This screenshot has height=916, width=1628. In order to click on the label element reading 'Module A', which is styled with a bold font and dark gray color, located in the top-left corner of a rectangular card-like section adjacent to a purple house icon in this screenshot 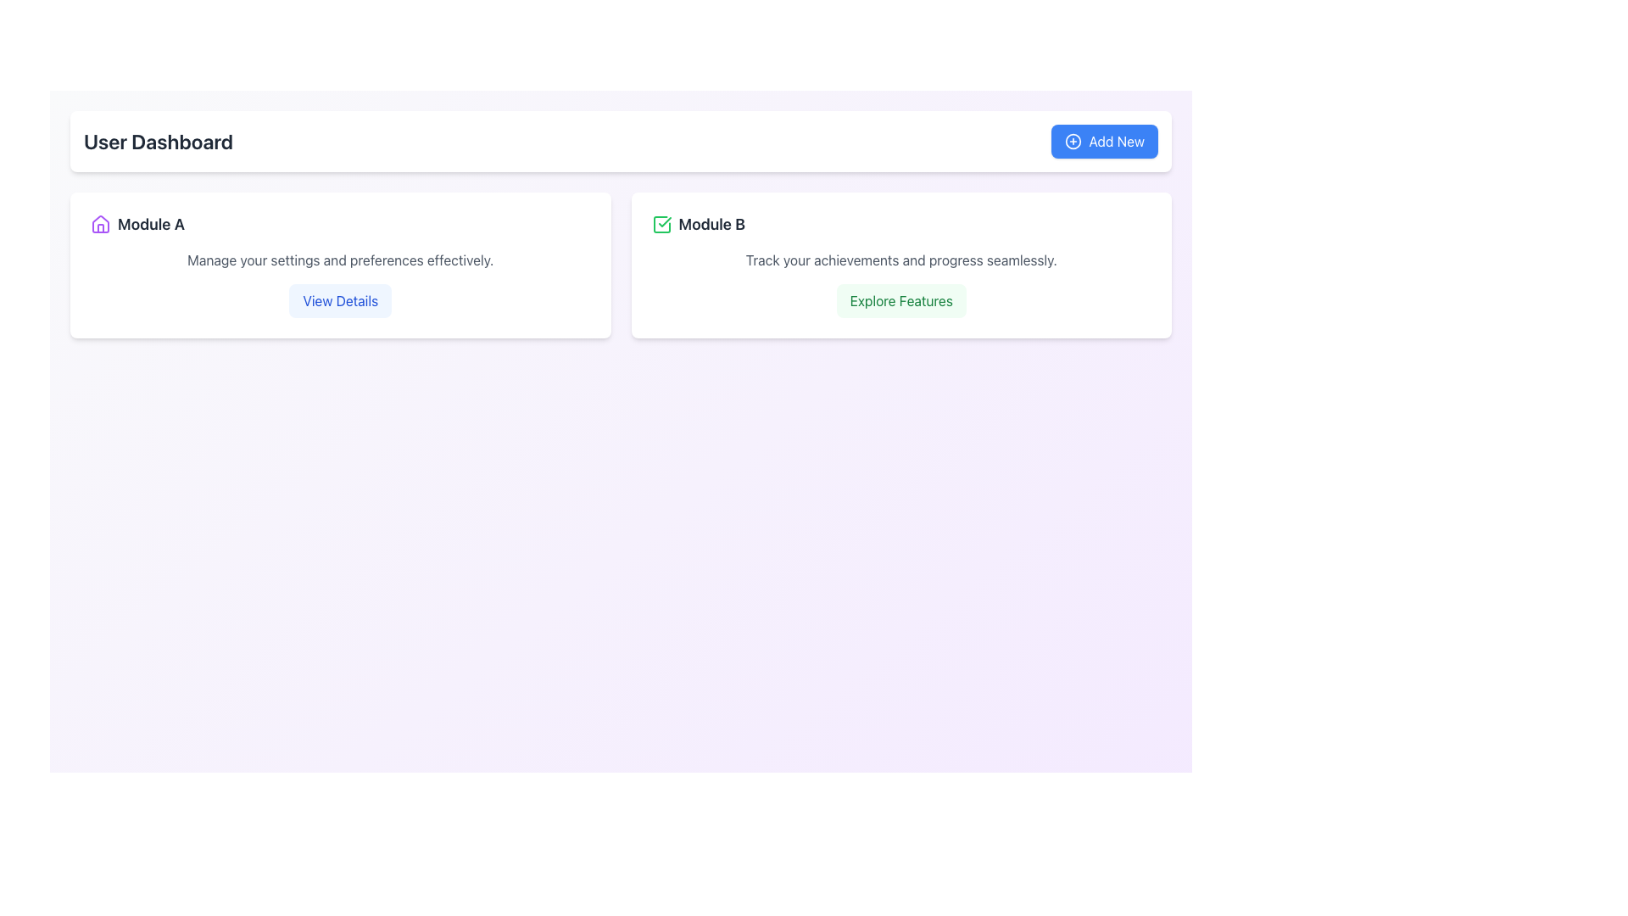, I will do `click(151, 224)`.